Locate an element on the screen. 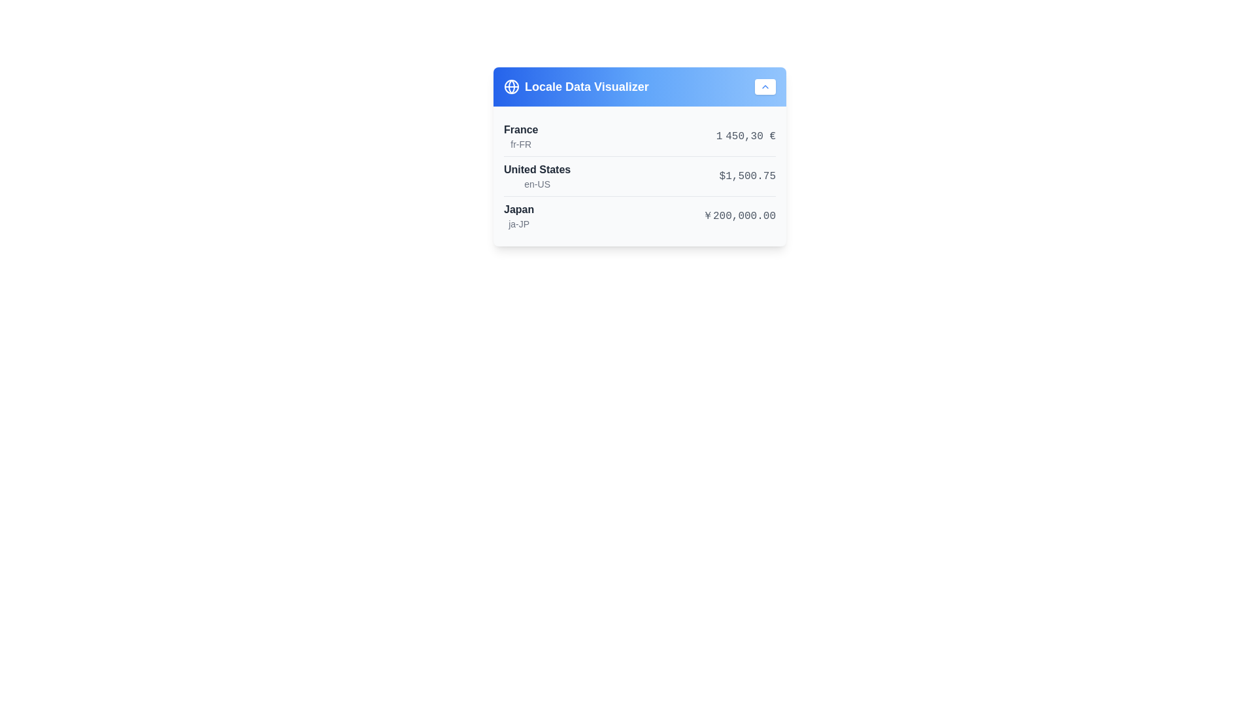 The height and width of the screenshot is (706, 1255). the Text Label indicating 'United States' in the 'Locale Data Visualizer' modal, which is the first text instance in its row, positioned above the 'en-US' text is located at coordinates (537, 169).